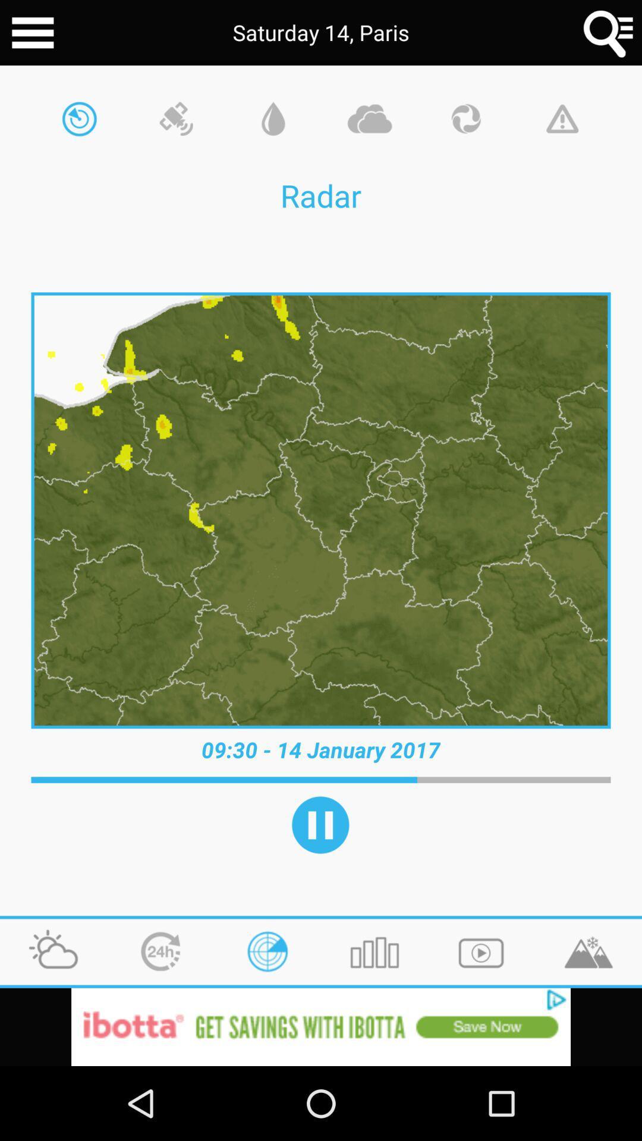  What do you see at coordinates (609, 33) in the screenshot?
I see `menu button` at bounding box center [609, 33].